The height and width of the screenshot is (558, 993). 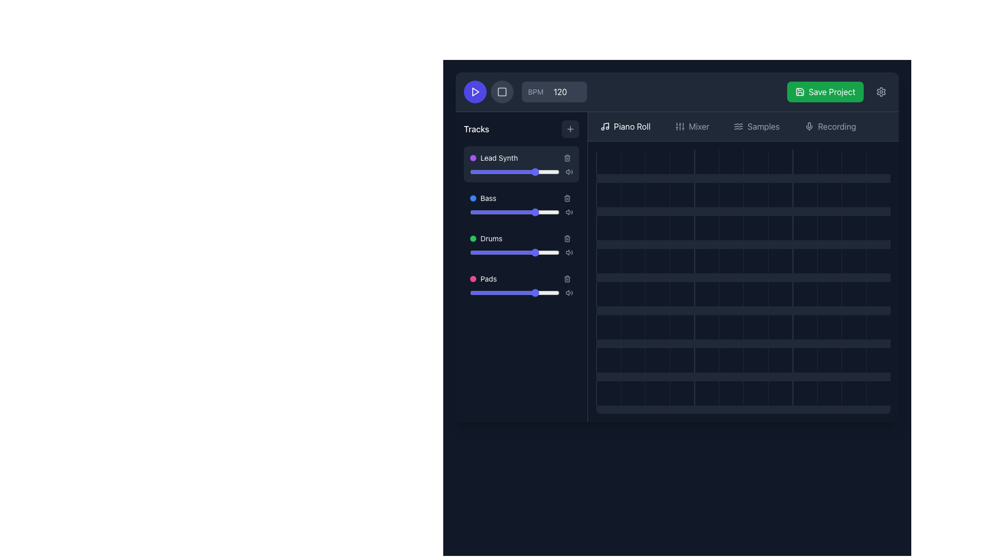 What do you see at coordinates (483, 198) in the screenshot?
I see `the 'Bass' track label icon, which is the second entry in the list of tracks, positioned below 'Lead Synth' and above 'Drums'` at bounding box center [483, 198].